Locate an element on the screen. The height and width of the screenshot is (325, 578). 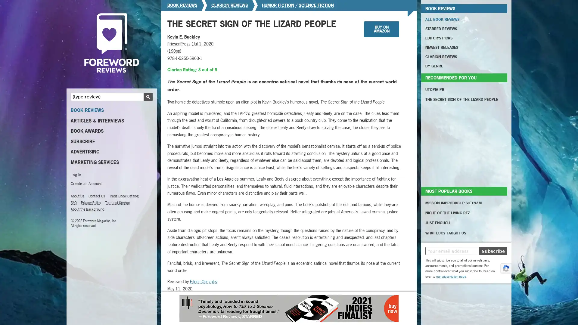
Search is located at coordinates (148, 96).